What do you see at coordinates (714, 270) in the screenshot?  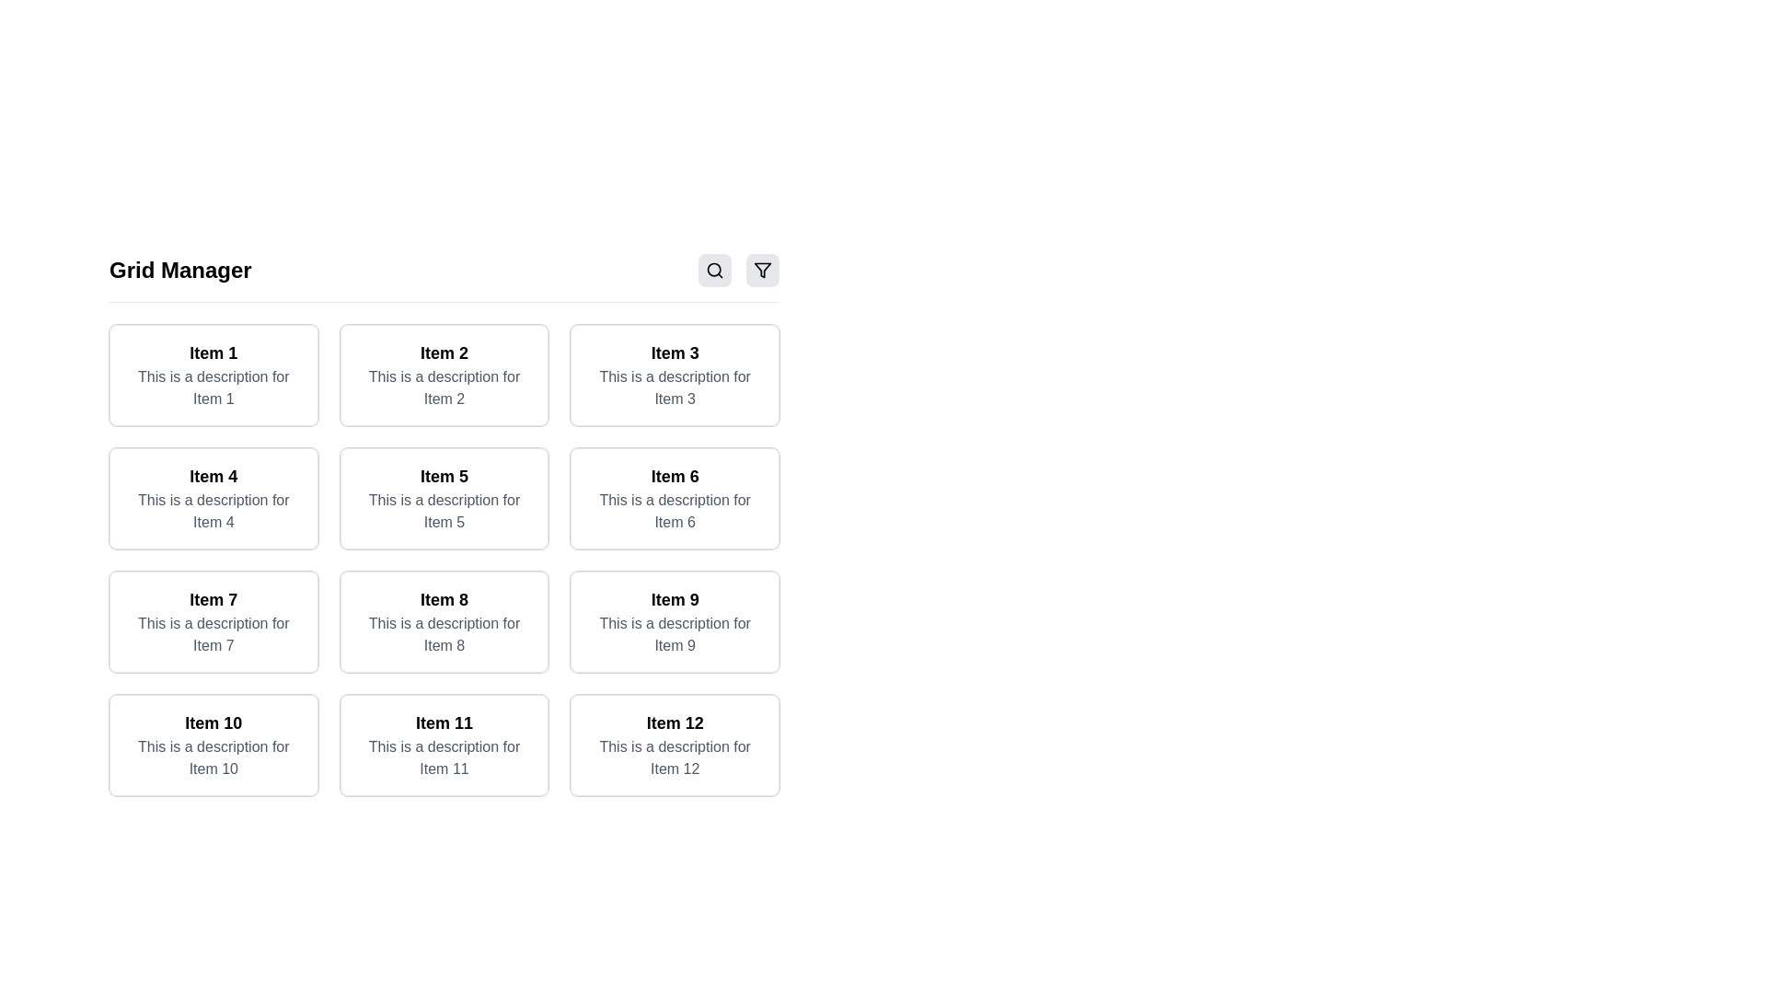 I see `the magnifying glass icon located in the top-right corner of the interface` at bounding box center [714, 270].